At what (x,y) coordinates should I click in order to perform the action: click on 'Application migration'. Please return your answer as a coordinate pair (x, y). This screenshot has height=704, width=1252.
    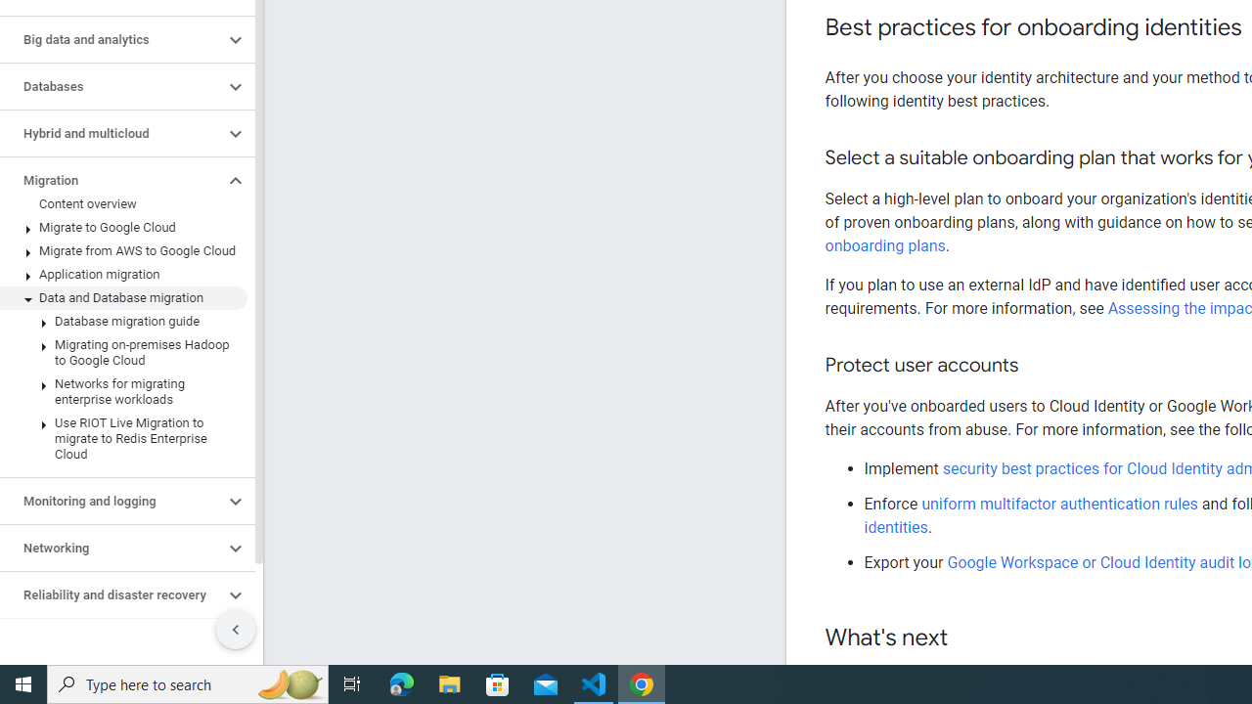
    Looking at the image, I should click on (122, 275).